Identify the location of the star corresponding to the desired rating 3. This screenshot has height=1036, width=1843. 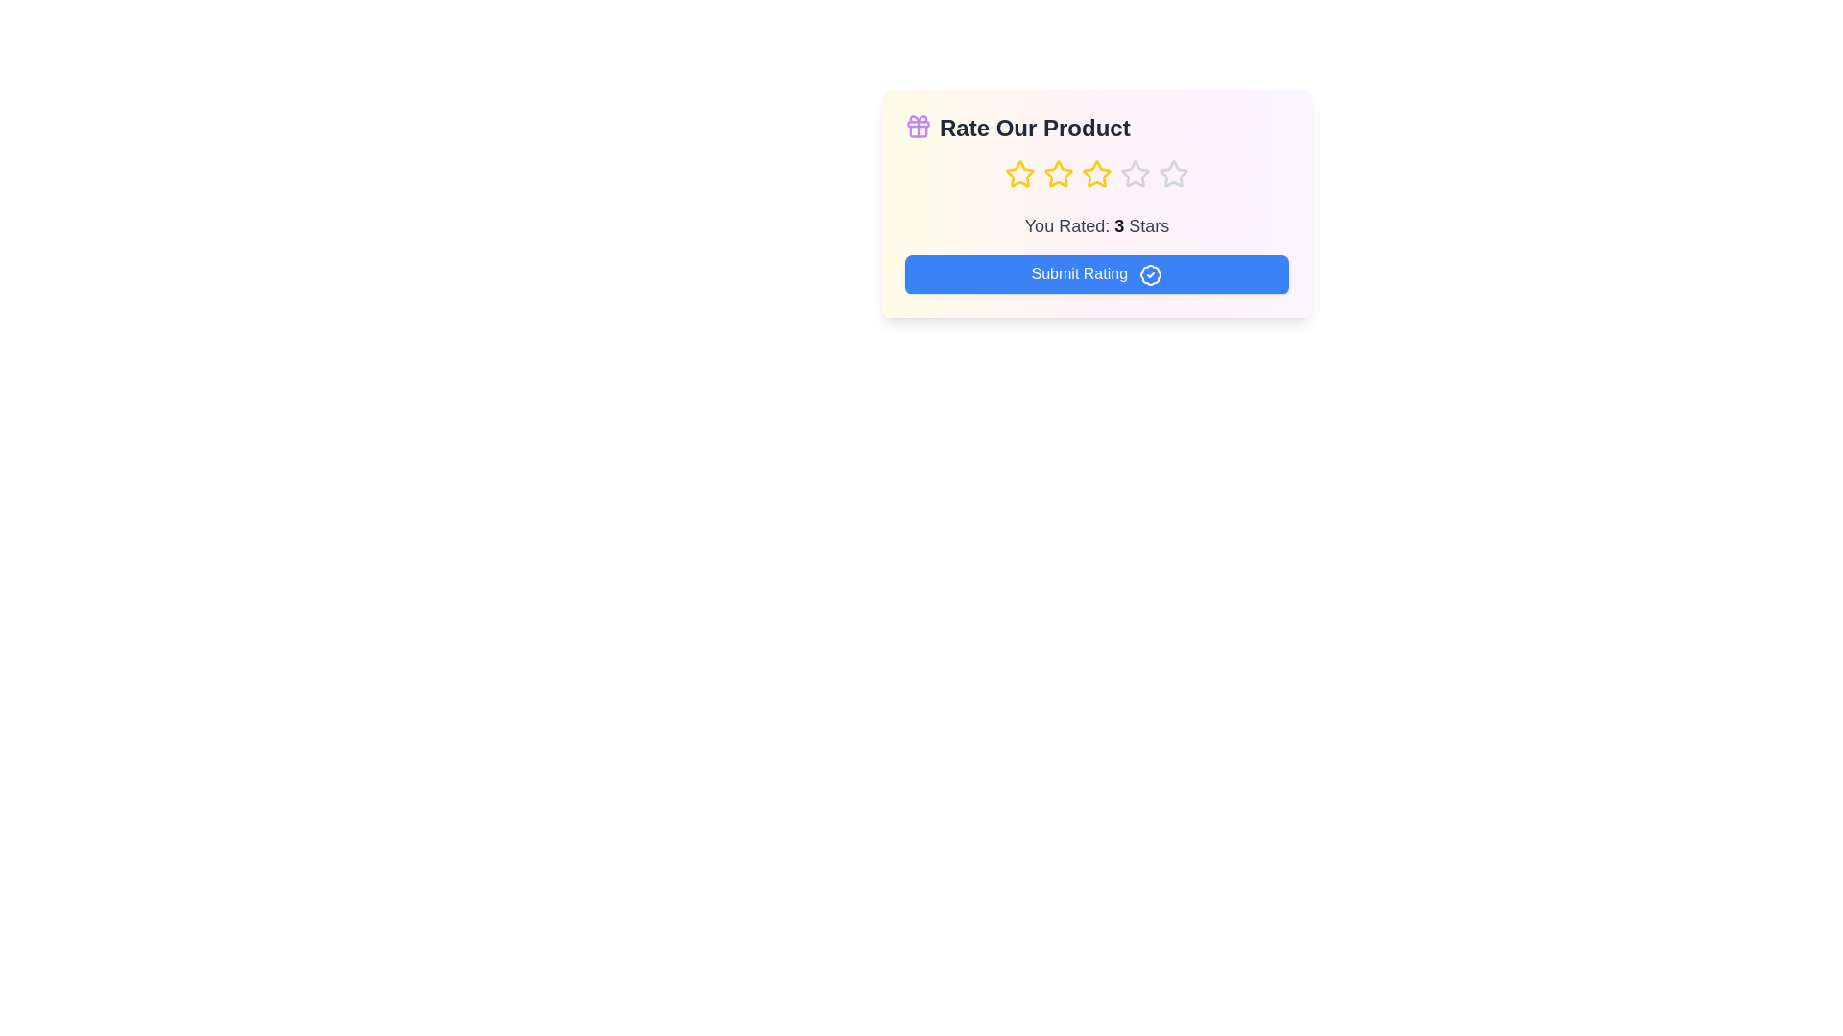
(1096, 174).